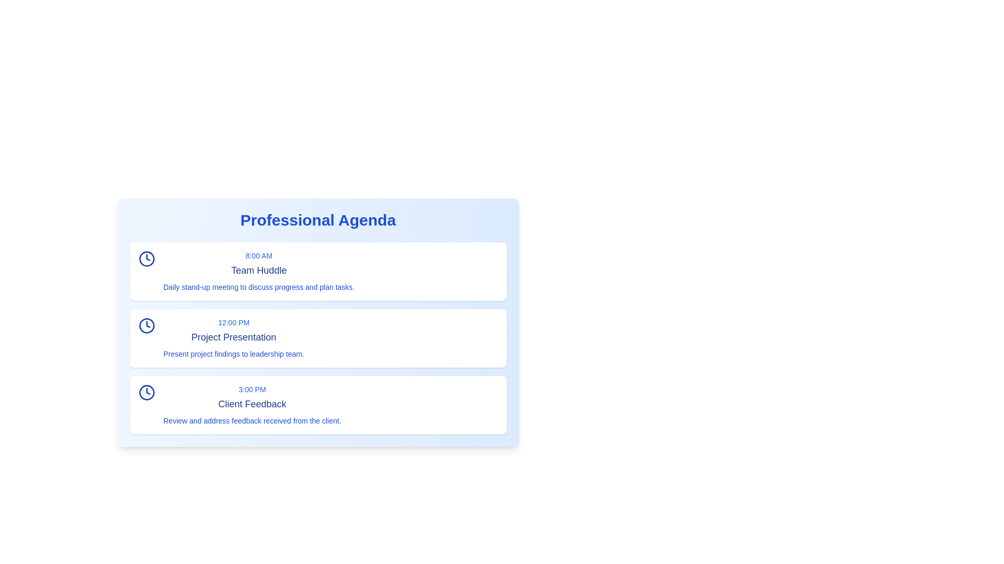  I want to click on the time icon (SVG) located at the top-left corner of the '3:00 PM Client Feedback' agenda item, so click(146, 393).